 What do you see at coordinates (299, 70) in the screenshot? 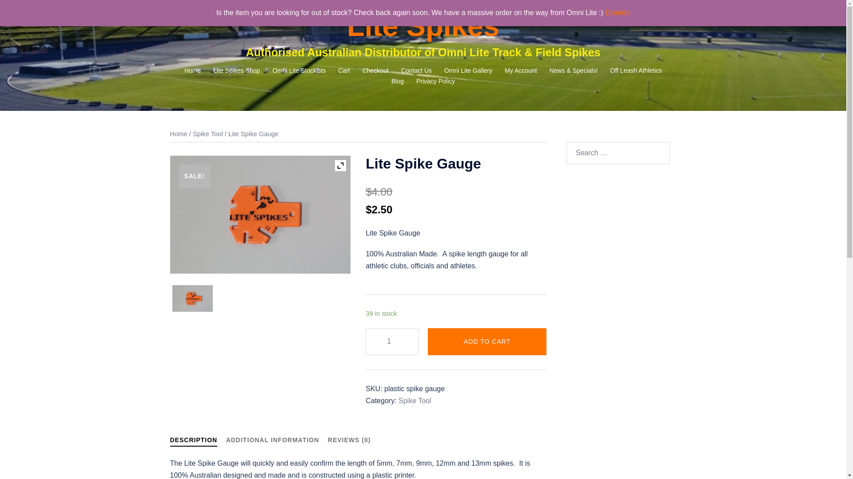
I see `'Omni Lite Stockists'` at bounding box center [299, 70].